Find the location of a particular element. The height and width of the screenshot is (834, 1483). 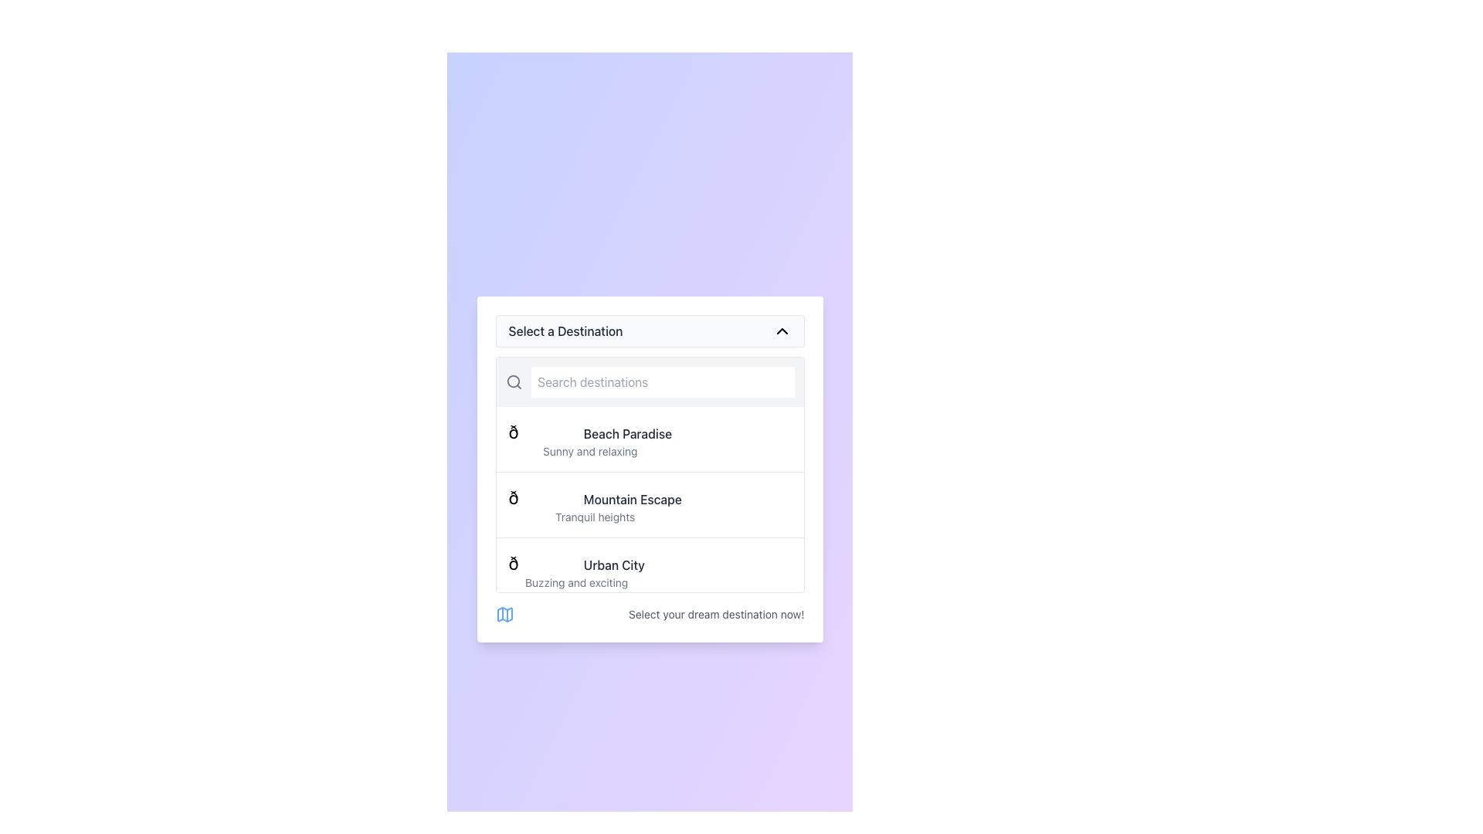

the map icon with a folded paper-like design located in the lower left corner of the modal box is located at coordinates (504, 613).